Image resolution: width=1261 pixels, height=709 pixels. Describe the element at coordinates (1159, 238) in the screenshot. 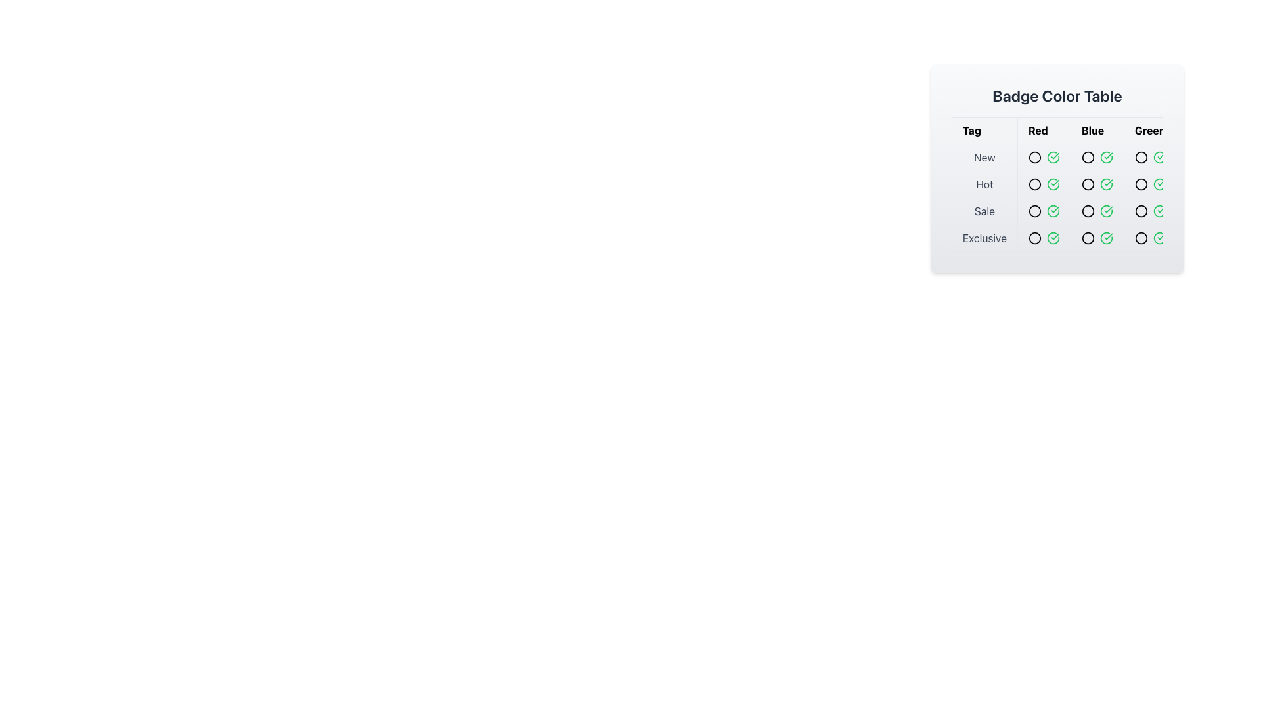

I see `the green circular checkmark icon located in the last row labeled 'Exclusive' under the 'Green' column of the 'Badge Color Table'` at that location.